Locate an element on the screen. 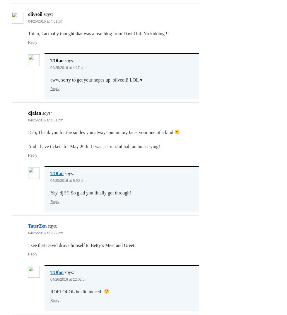 The height and width of the screenshot is (315, 287). 'aww, sorry to get your hopes up, oliveoil! LOL ♥' is located at coordinates (50, 79).